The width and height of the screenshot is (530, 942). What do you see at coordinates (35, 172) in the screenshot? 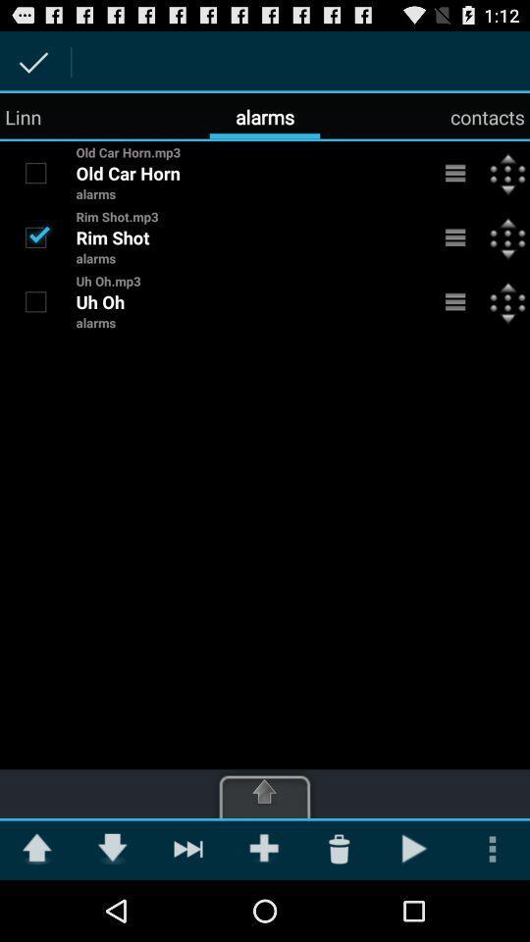
I see `checkmark box` at bounding box center [35, 172].